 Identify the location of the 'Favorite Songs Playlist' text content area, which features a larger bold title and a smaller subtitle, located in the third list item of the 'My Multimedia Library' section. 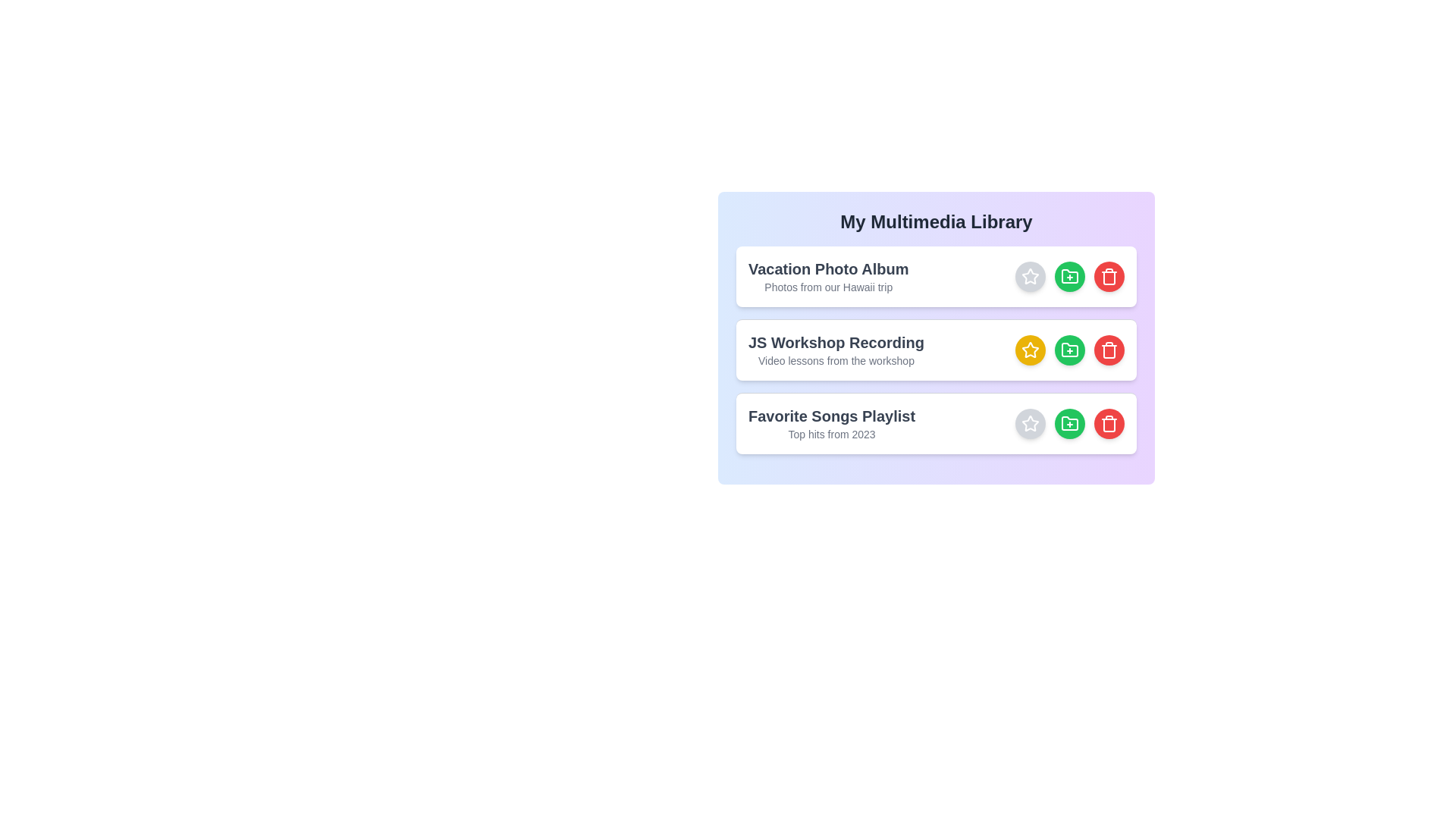
(831, 424).